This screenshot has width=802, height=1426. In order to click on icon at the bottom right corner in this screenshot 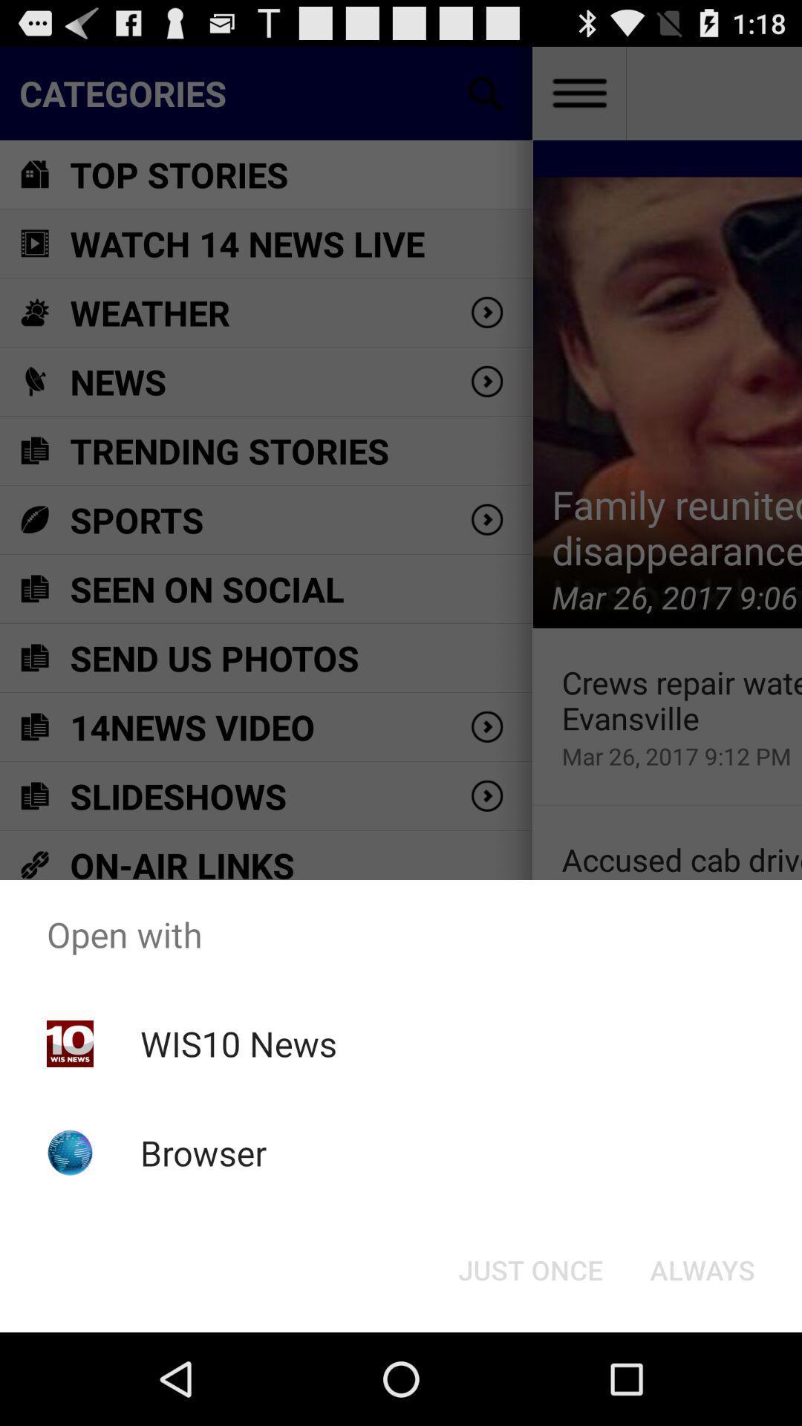, I will do `click(702, 1269)`.